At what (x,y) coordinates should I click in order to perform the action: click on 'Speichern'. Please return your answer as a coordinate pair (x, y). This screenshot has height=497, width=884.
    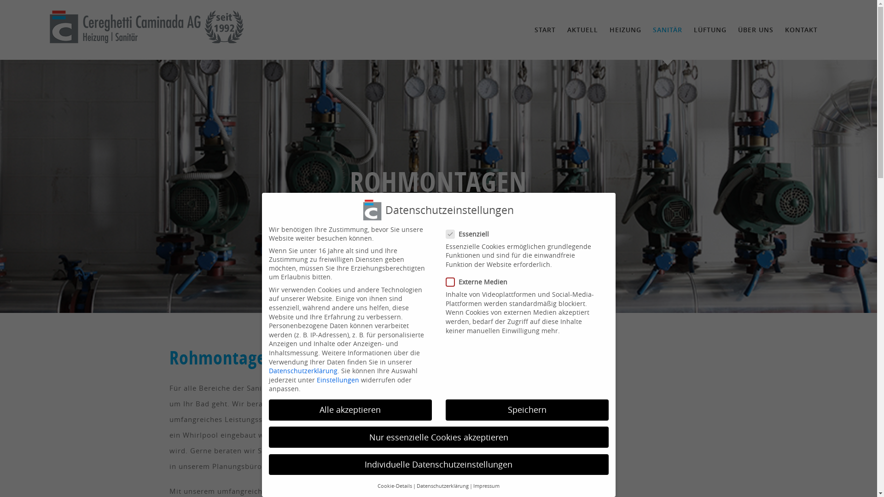
    Looking at the image, I should click on (527, 410).